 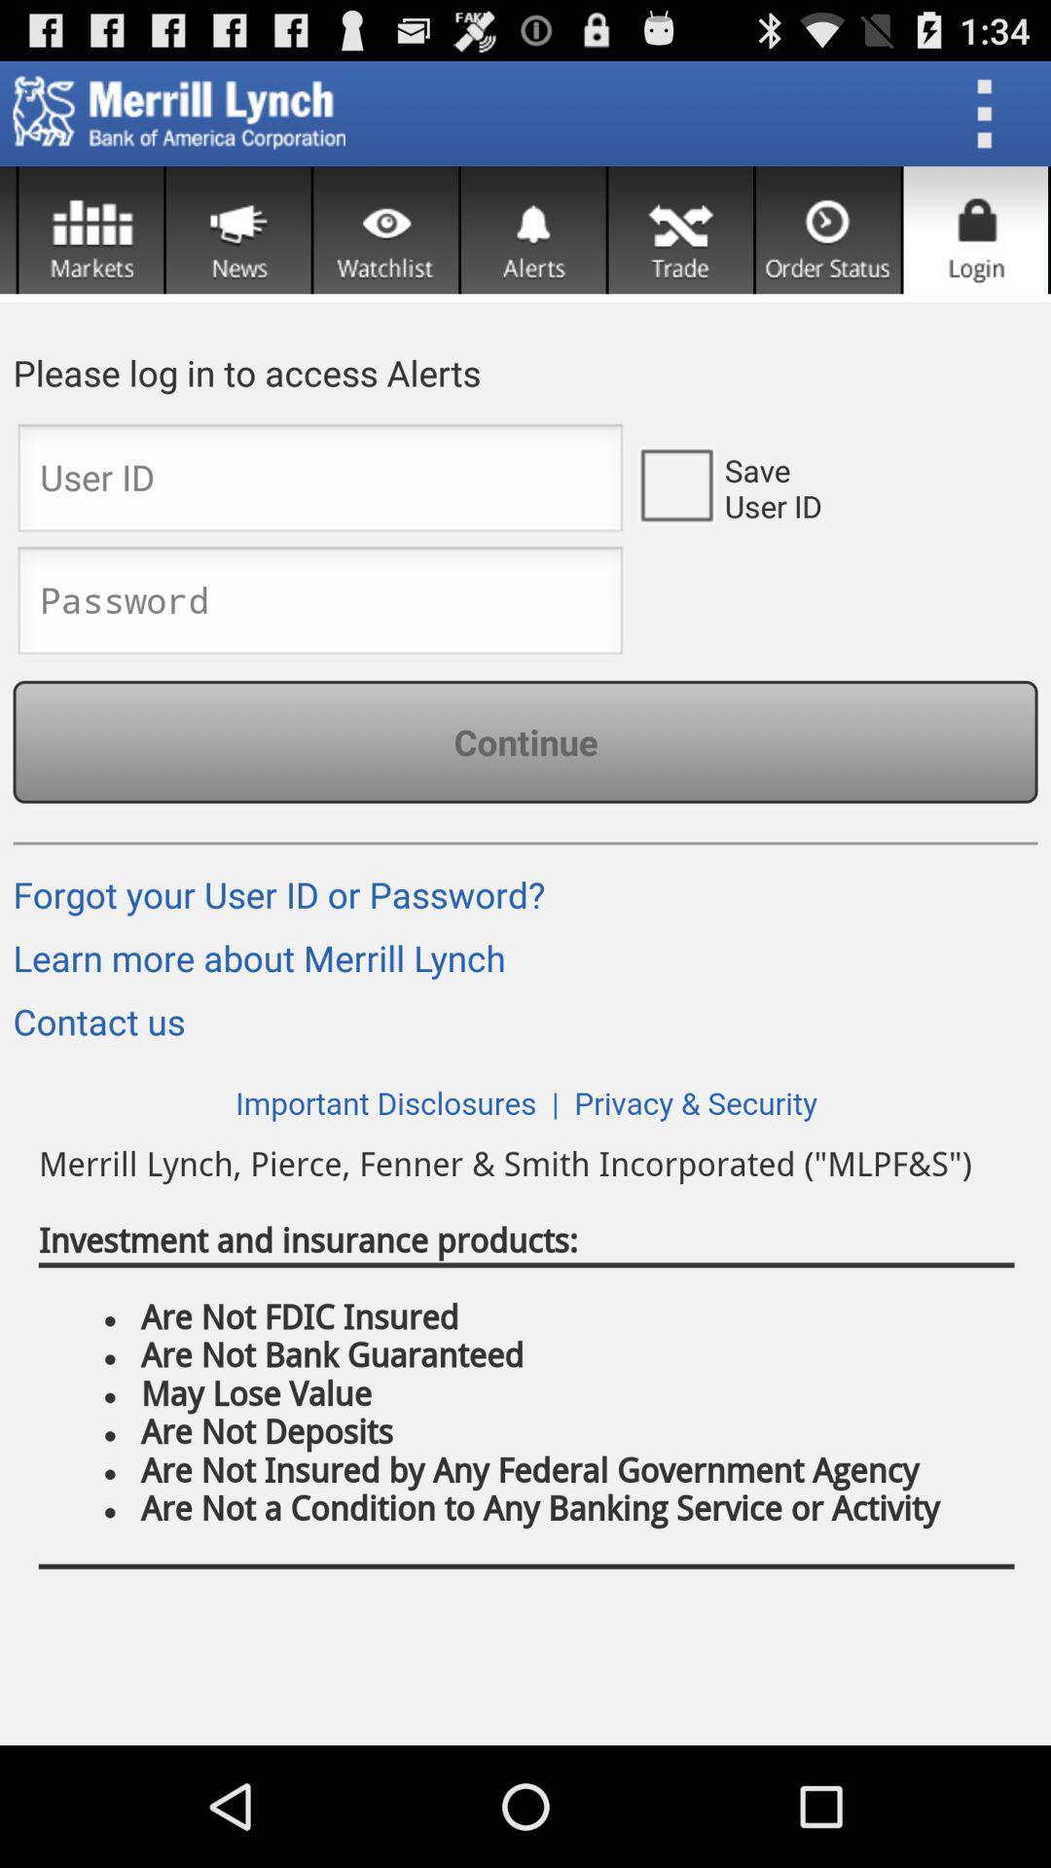 What do you see at coordinates (991, 112) in the screenshot?
I see `open menu` at bounding box center [991, 112].